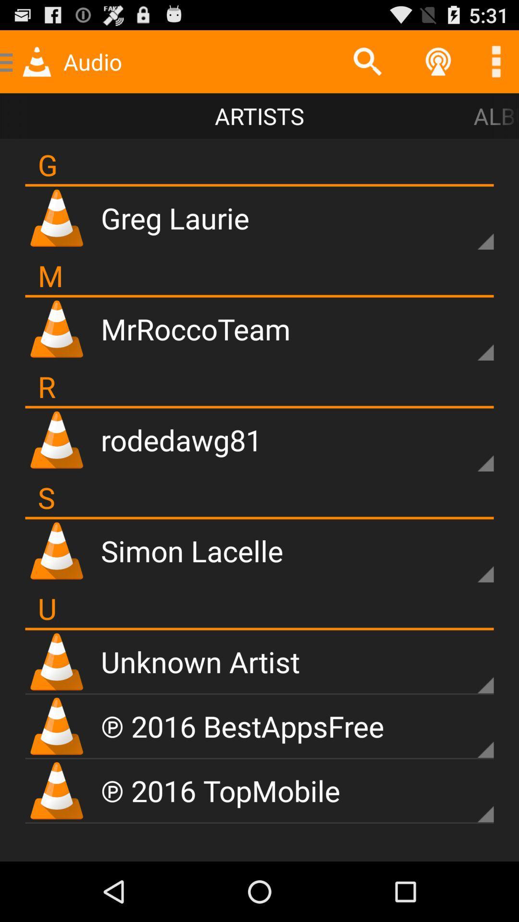 This screenshot has height=922, width=519. I want to click on expands area selected, so click(469, 733).